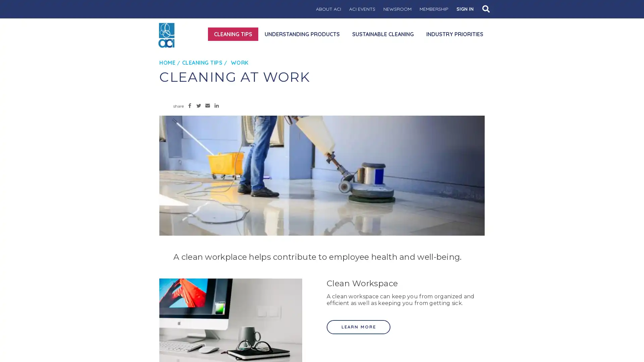 This screenshot has width=644, height=362. I want to click on Share to Email, so click(205, 106).